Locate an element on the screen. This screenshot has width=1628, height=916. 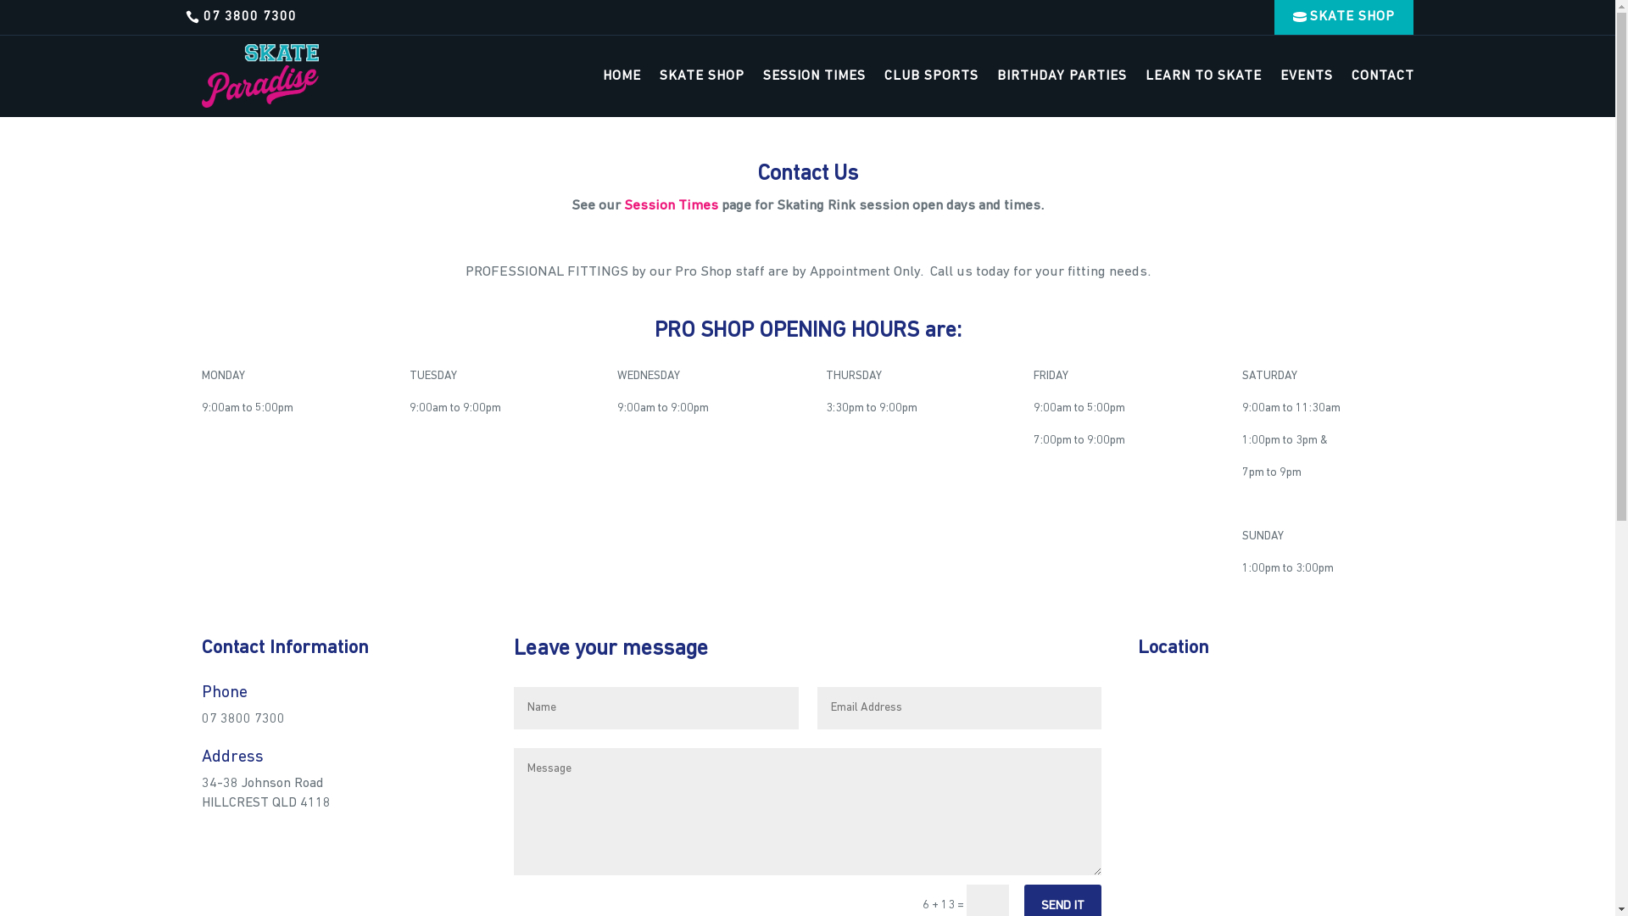
'CONTACT' is located at coordinates (1383, 75).